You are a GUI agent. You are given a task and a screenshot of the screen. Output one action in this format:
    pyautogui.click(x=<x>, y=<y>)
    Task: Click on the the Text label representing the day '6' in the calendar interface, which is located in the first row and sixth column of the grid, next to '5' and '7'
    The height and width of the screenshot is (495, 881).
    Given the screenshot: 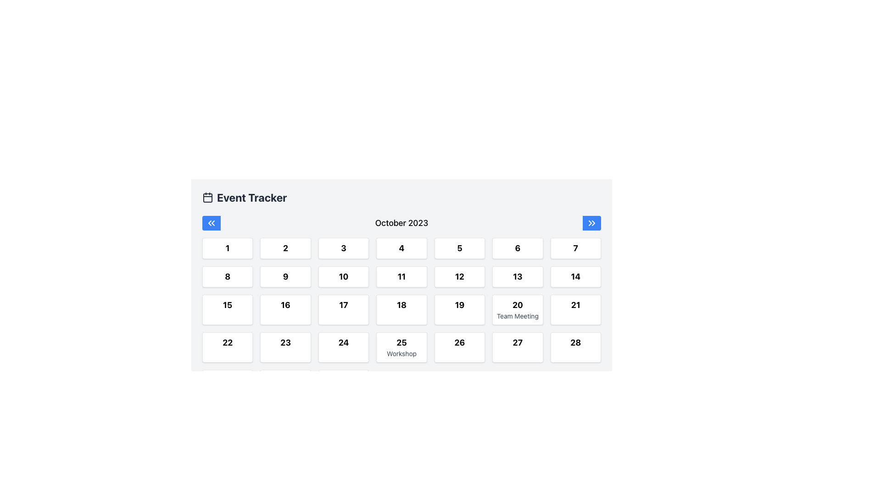 What is the action you would take?
    pyautogui.click(x=518, y=248)
    